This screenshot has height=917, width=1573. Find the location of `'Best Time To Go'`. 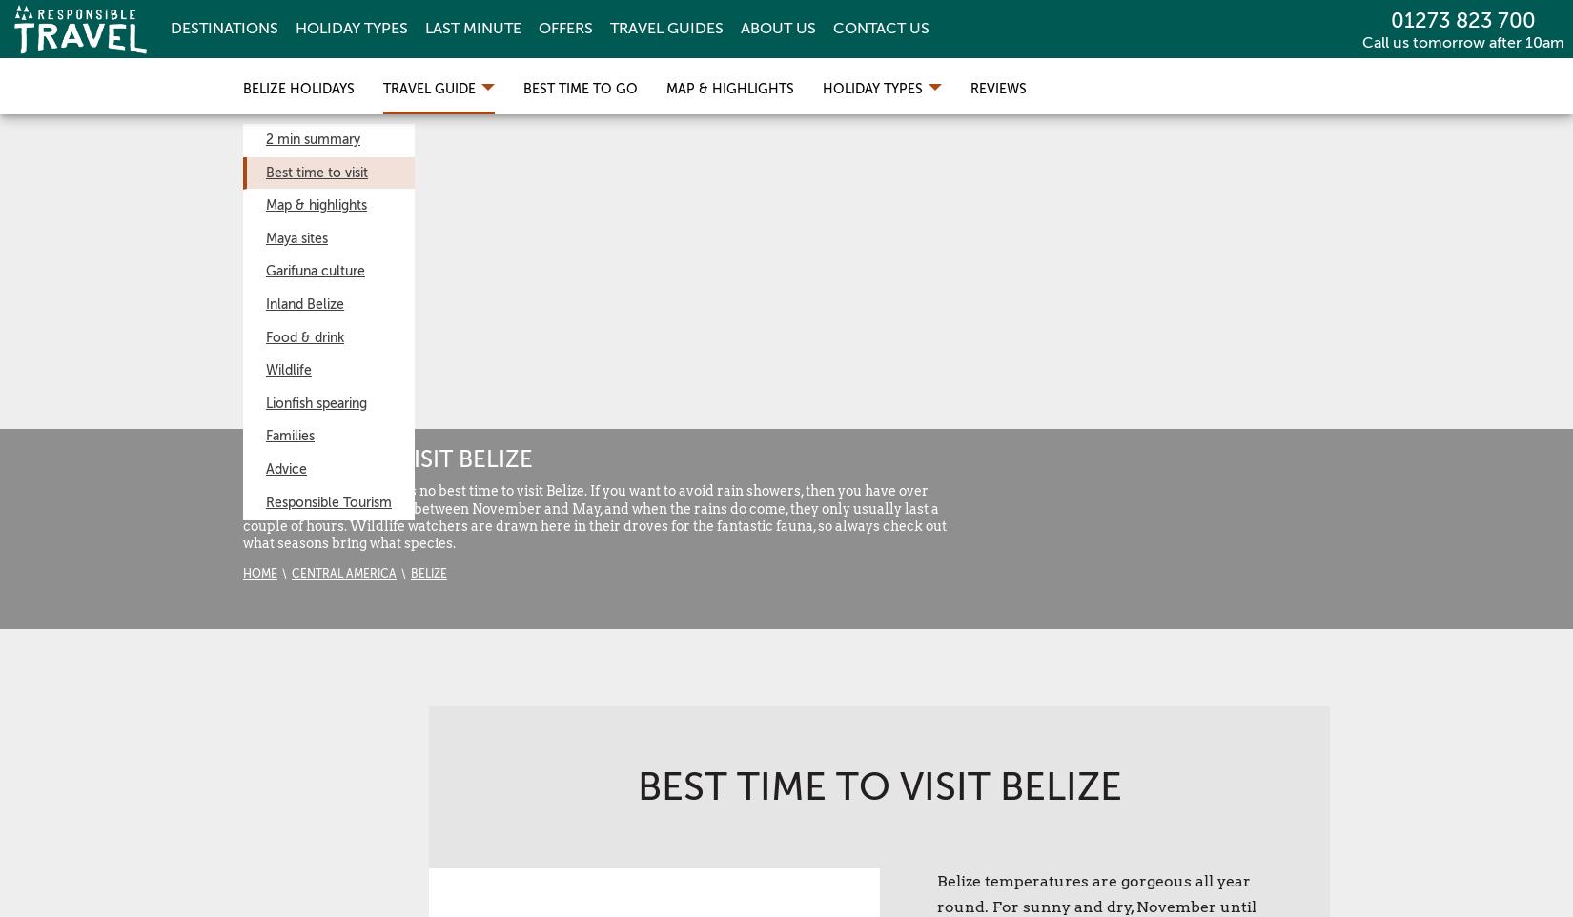

'Best Time To Go' is located at coordinates (580, 89).